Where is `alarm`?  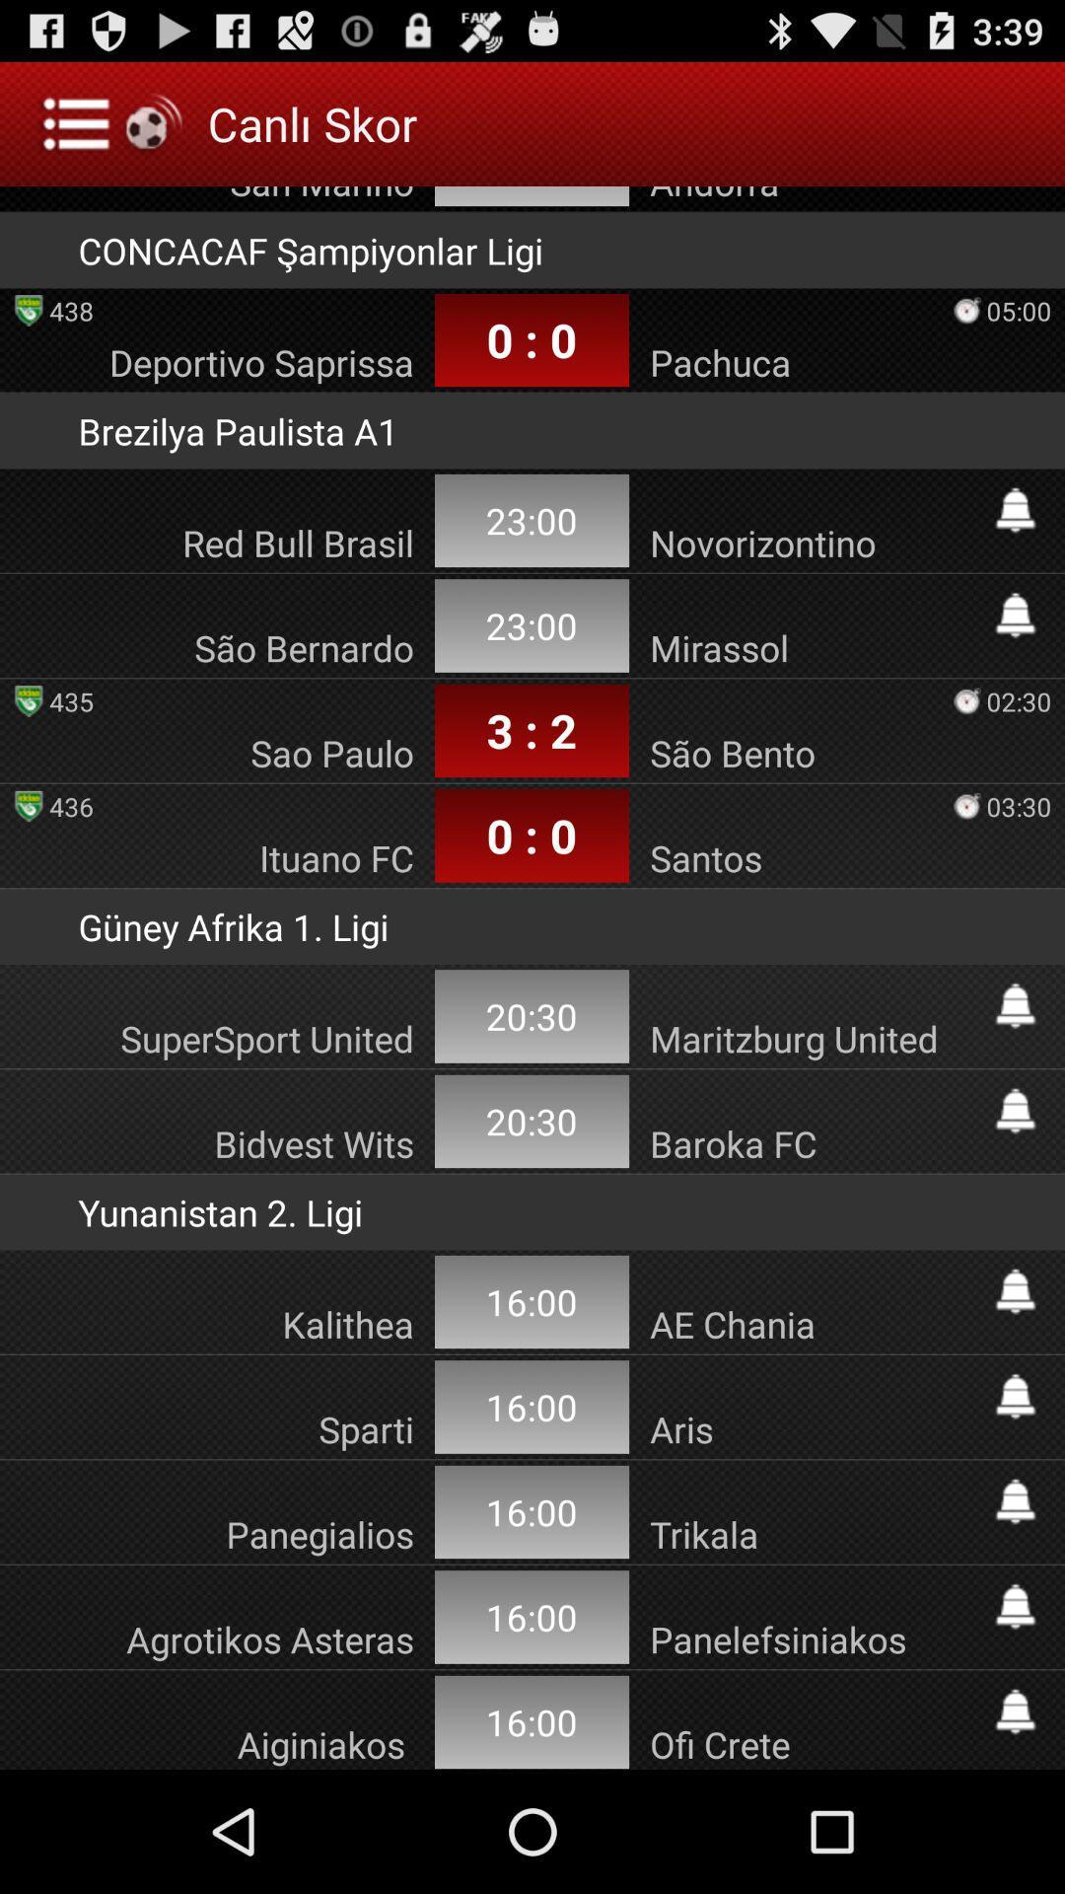 alarm is located at coordinates (1015, 1711).